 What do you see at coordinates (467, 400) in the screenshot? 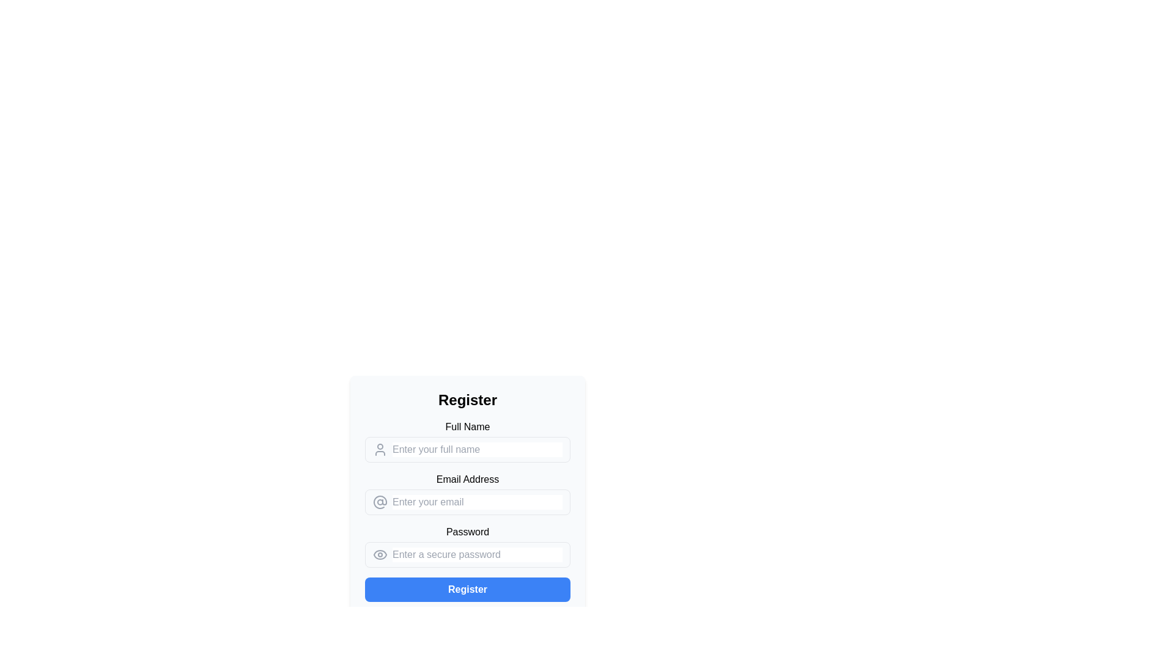
I see `the bold, large-sized 'Register' text label which is centered at the top of the registration form, above the input fields and the Register button` at bounding box center [467, 400].